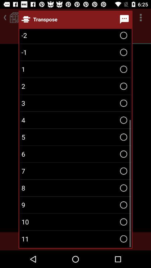 The image size is (151, 268). I want to click on the item below the 8, so click(75, 205).